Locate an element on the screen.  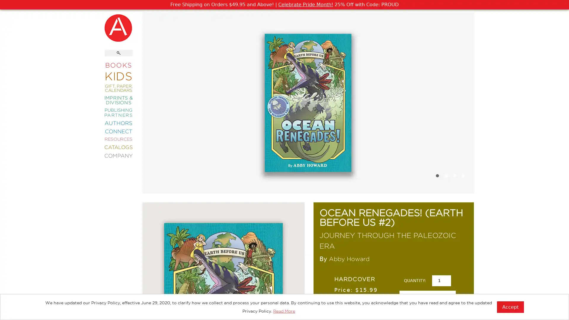
GIFT, PAPER, CALENDARS is located at coordinates (118, 88).